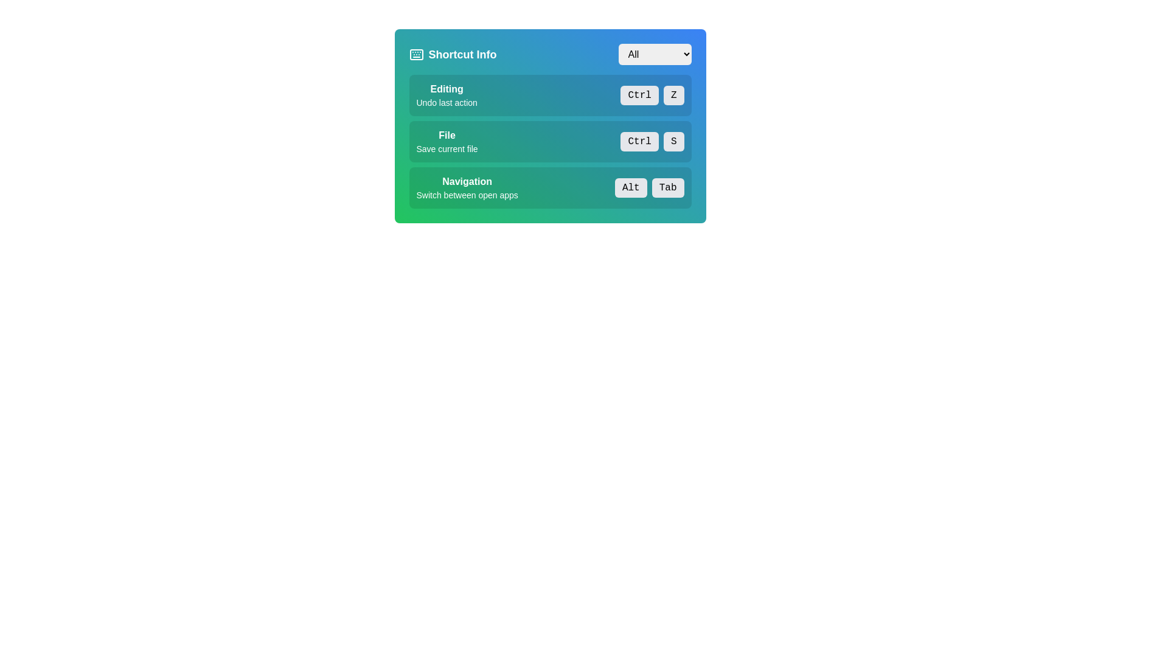 Image resolution: width=1168 pixels, height=657 pixels. Describe the element at coordinates (673, 141) in the screenshot. I see `the Label element displaying the letter 'S' in the center, which is a grey rounded rectangle located to the right of the 'Ctrl' label in the Shortcut Info section` at that location.